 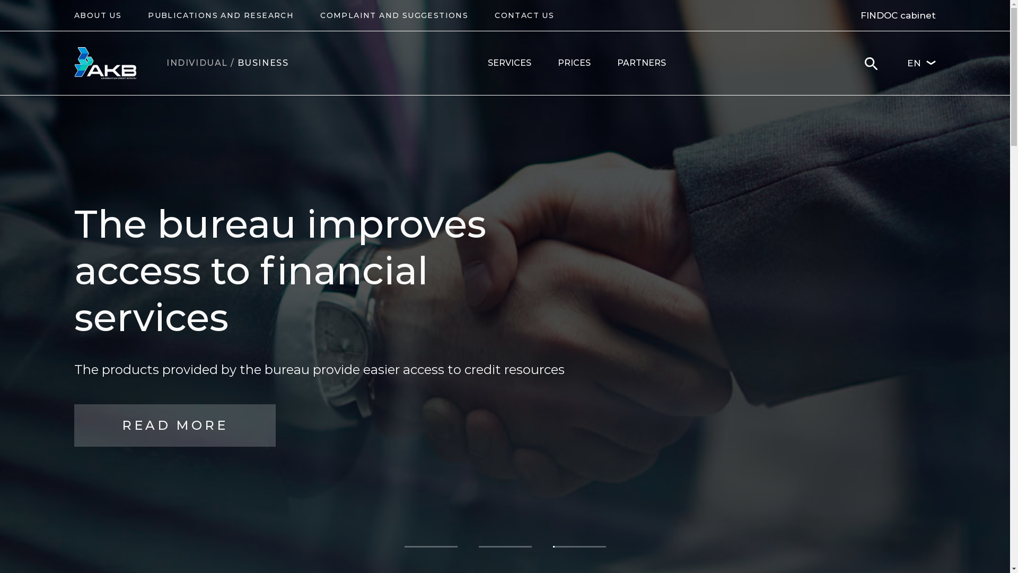 I want to click on 'FINDOC cabinet', so click(x=860, y=15).